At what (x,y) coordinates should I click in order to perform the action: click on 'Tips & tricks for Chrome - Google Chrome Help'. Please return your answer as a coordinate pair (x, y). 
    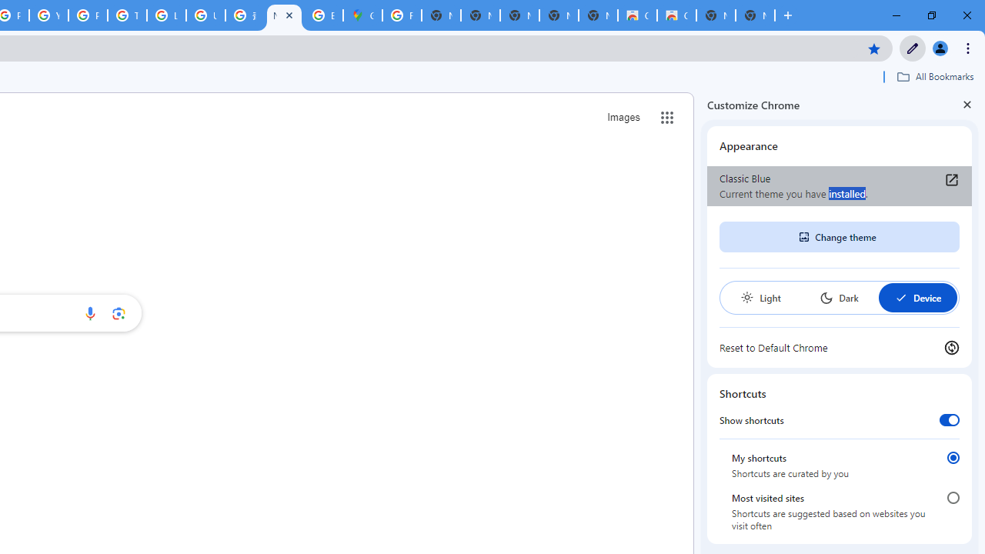
    Looking at the image, I should click on (127, 15).